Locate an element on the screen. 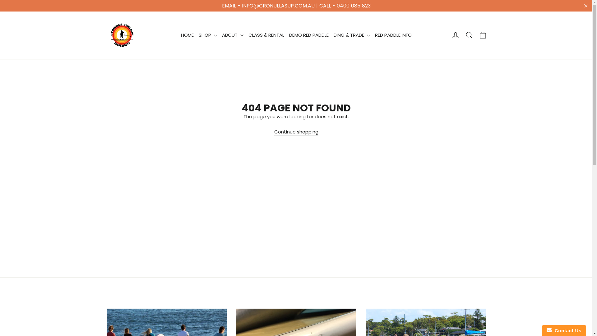  'Skip to content' is located at coordinates (0, 0).